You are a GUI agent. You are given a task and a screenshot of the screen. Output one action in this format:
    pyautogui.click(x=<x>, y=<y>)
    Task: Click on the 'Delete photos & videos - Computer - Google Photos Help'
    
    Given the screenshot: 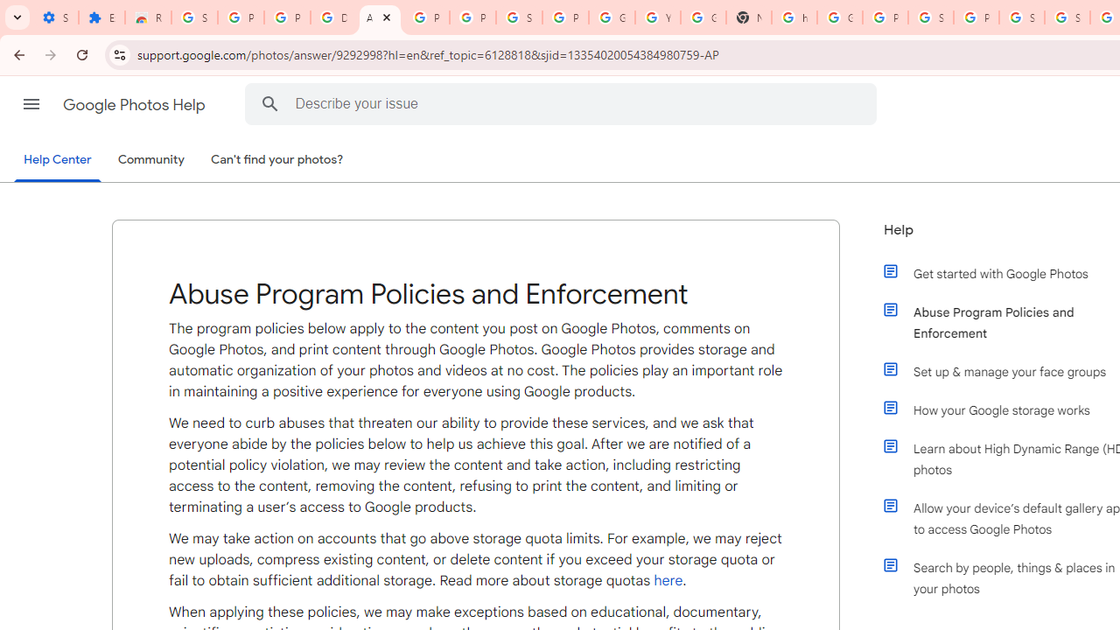 What is the action you would take?
    pyautogui.click(x=333, y=17)
    